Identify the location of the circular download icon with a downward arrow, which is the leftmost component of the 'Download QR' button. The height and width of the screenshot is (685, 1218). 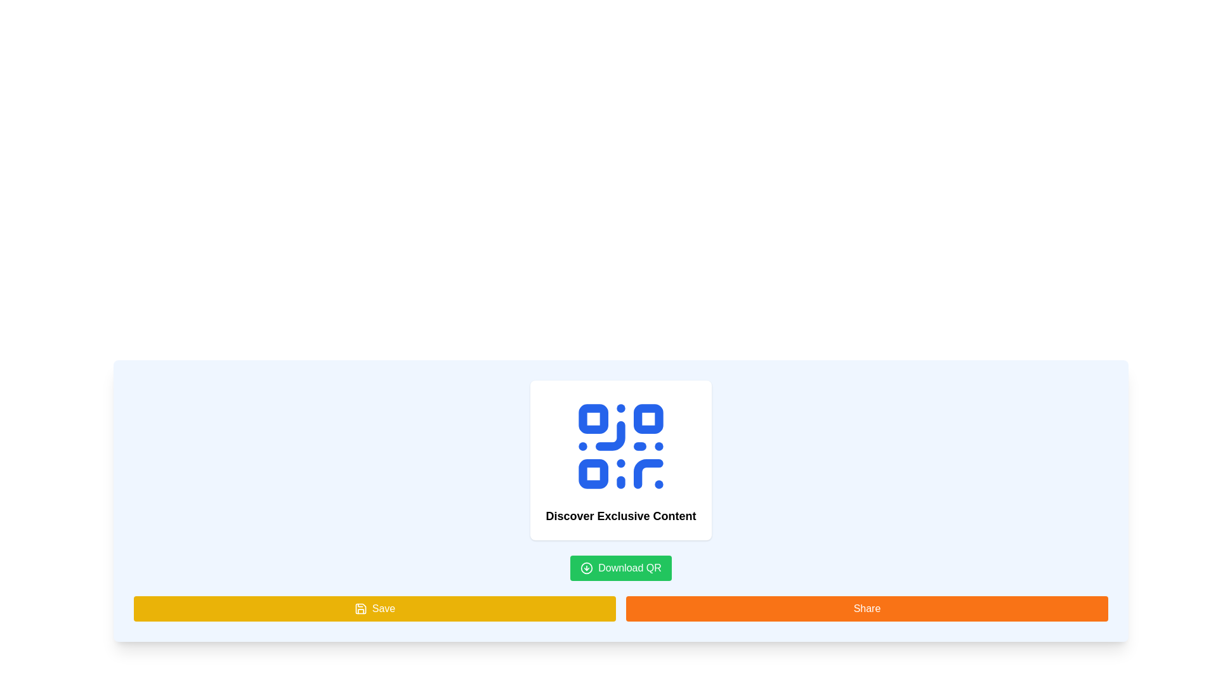
(586, 567).